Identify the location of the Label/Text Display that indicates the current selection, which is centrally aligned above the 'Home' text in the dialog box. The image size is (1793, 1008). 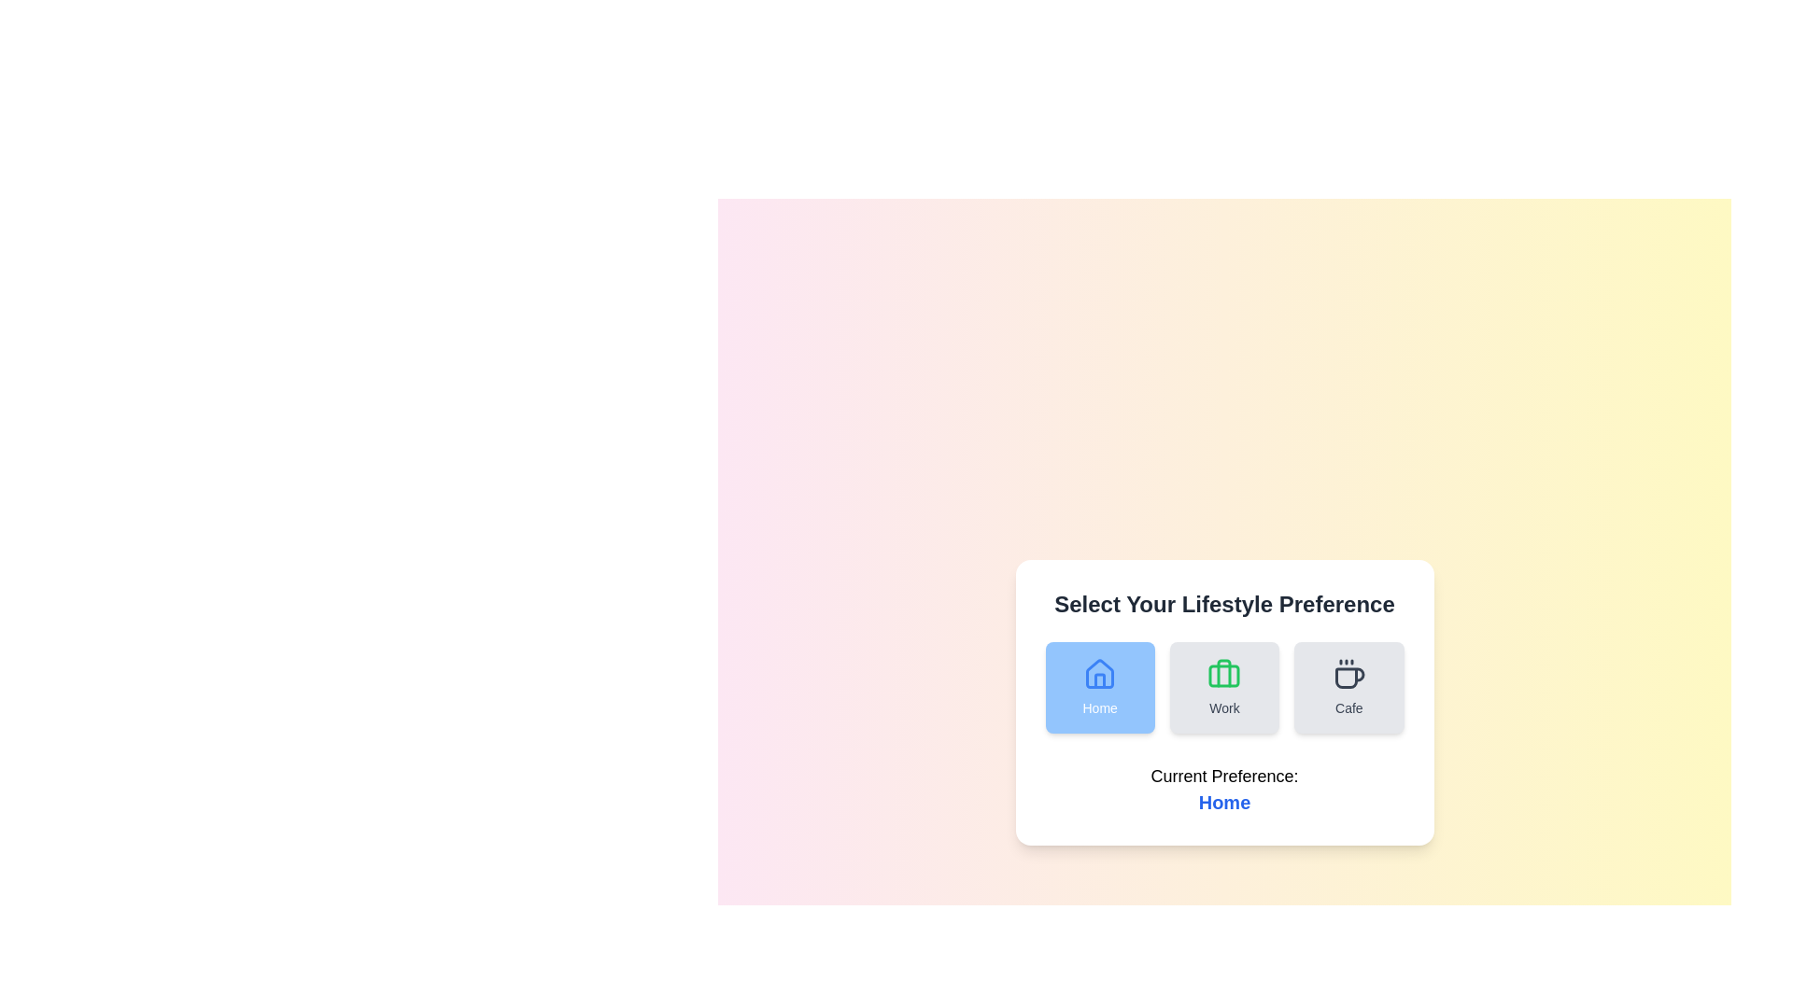
(1224, 777).